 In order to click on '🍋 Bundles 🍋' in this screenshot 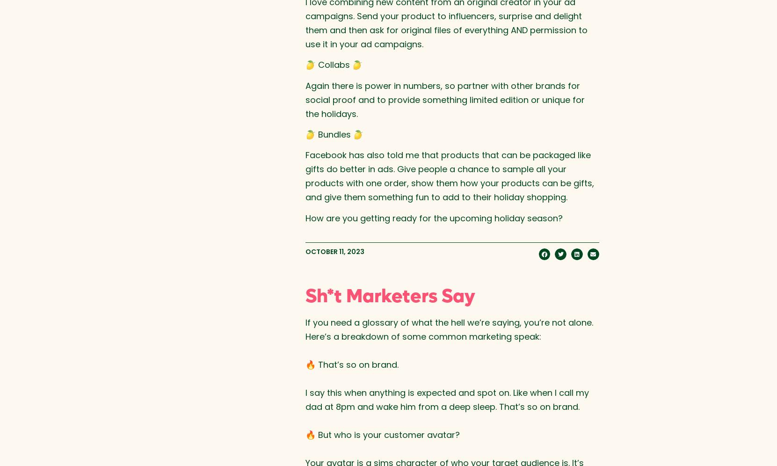, I will do `click(334, 134)`.